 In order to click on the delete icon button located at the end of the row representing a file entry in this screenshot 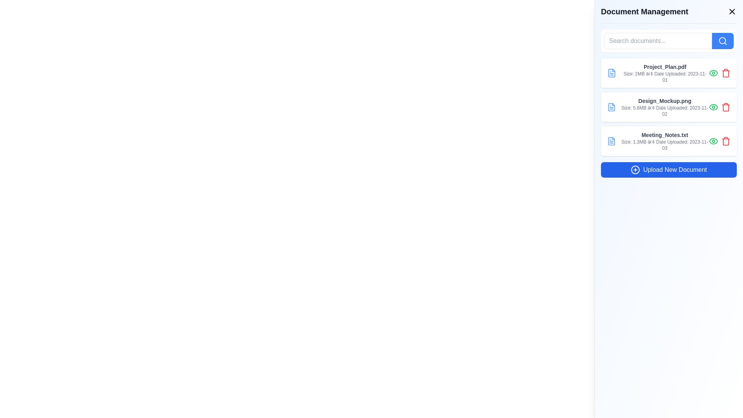, I will do `click(726, 141)`.